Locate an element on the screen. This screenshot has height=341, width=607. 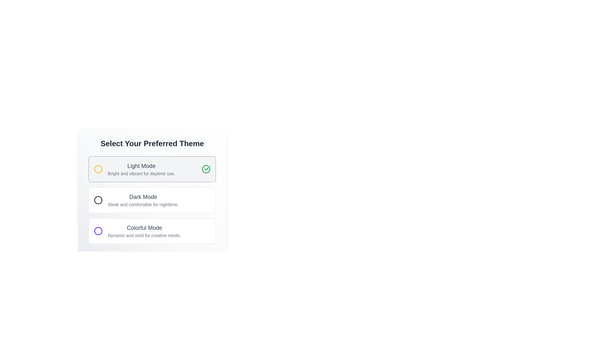
descriptive text 'Bright and vibrant for daytime use.' located below the 'Light Mode' title in the theme selection section is located at coordinates (141, 174).